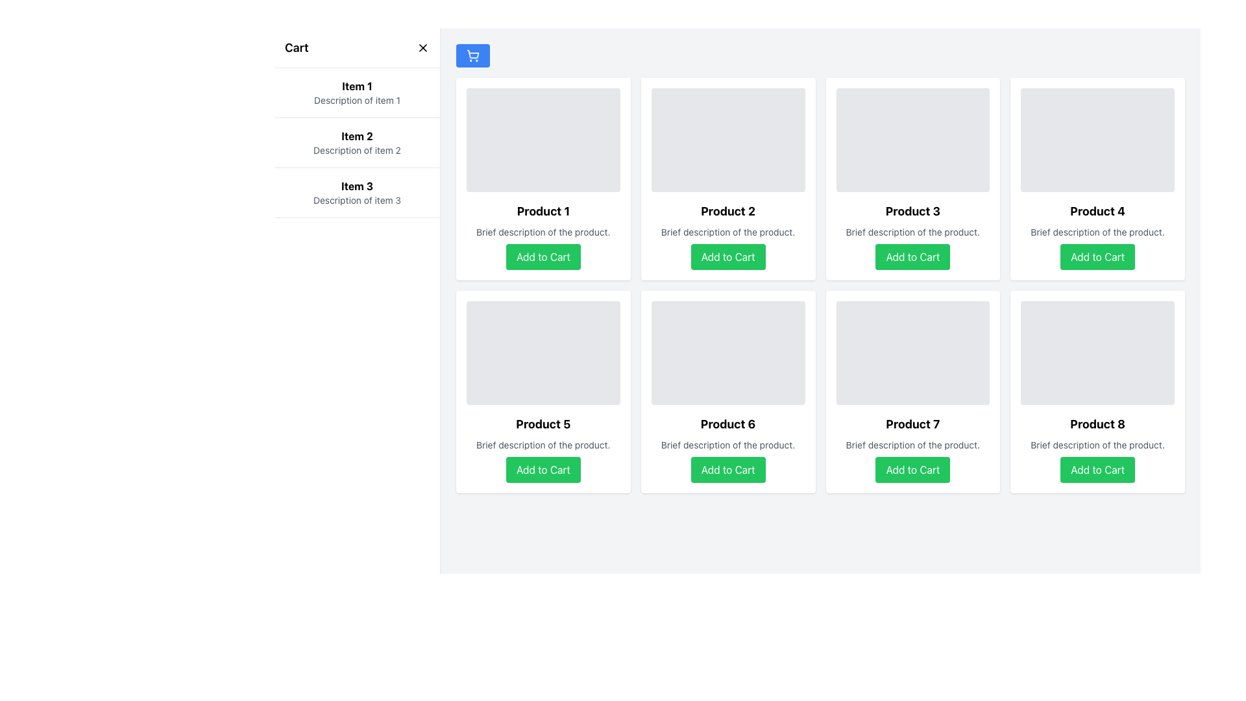  Describe the element at coordinates (912, 211) in the screenshot. I see `the Text label that serves as the title or identifier for the product within the card, located in the top row, third column of the grid layout` at that location.